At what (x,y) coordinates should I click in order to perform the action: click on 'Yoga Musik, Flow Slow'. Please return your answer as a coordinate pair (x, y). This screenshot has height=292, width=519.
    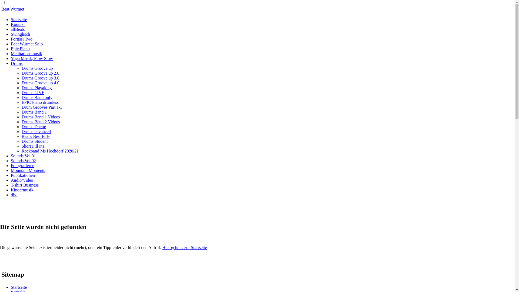
    Looking at the image, I should click on (32, 58).